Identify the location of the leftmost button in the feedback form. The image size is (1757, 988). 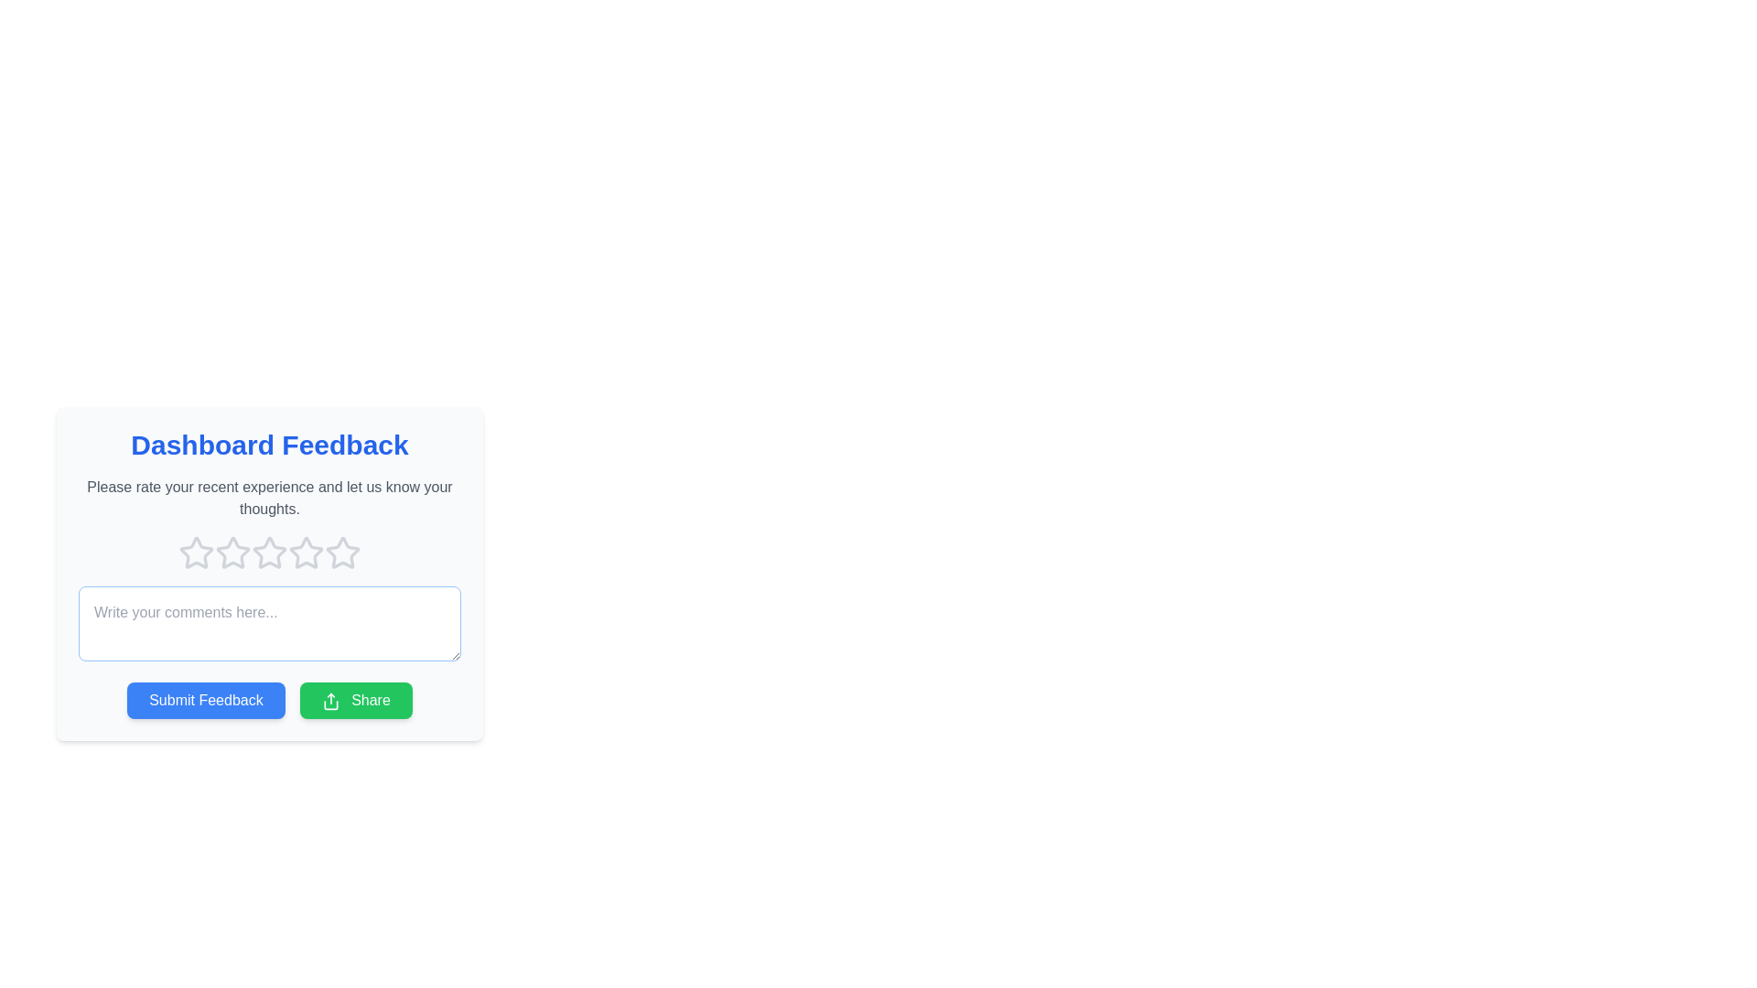
(206, 700).